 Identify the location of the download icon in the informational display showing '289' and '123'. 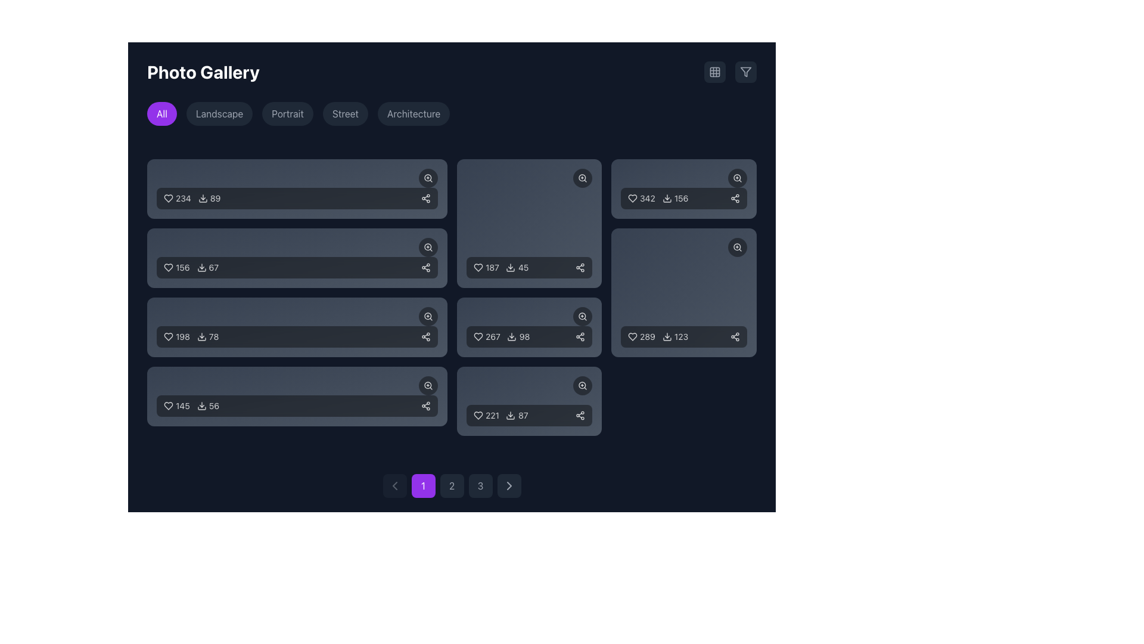
(684, 336).